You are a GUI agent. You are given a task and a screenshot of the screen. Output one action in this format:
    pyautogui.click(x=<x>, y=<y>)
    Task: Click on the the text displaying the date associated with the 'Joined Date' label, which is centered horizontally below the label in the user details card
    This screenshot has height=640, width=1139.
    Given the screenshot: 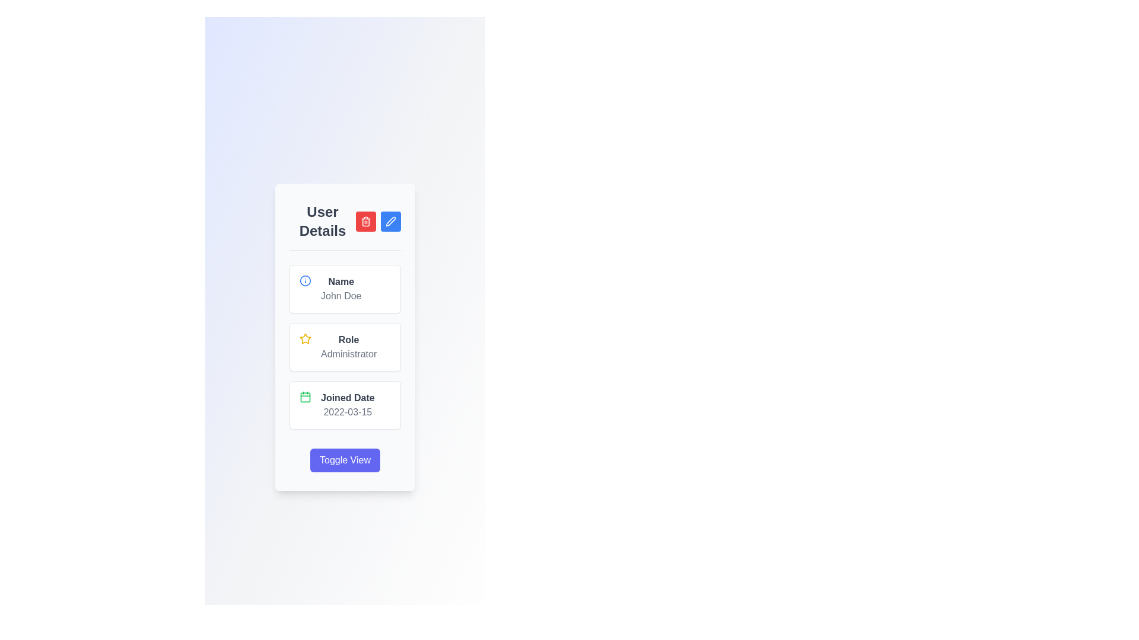 What is the action you would take?
    pyautogui.click(x=347, y=411)
    